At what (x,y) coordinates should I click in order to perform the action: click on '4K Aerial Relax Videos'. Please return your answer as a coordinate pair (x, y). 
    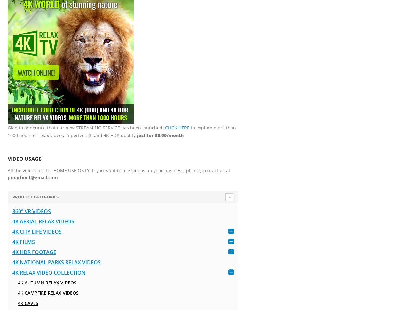
    Looking at the image, I should click on (43, 221).